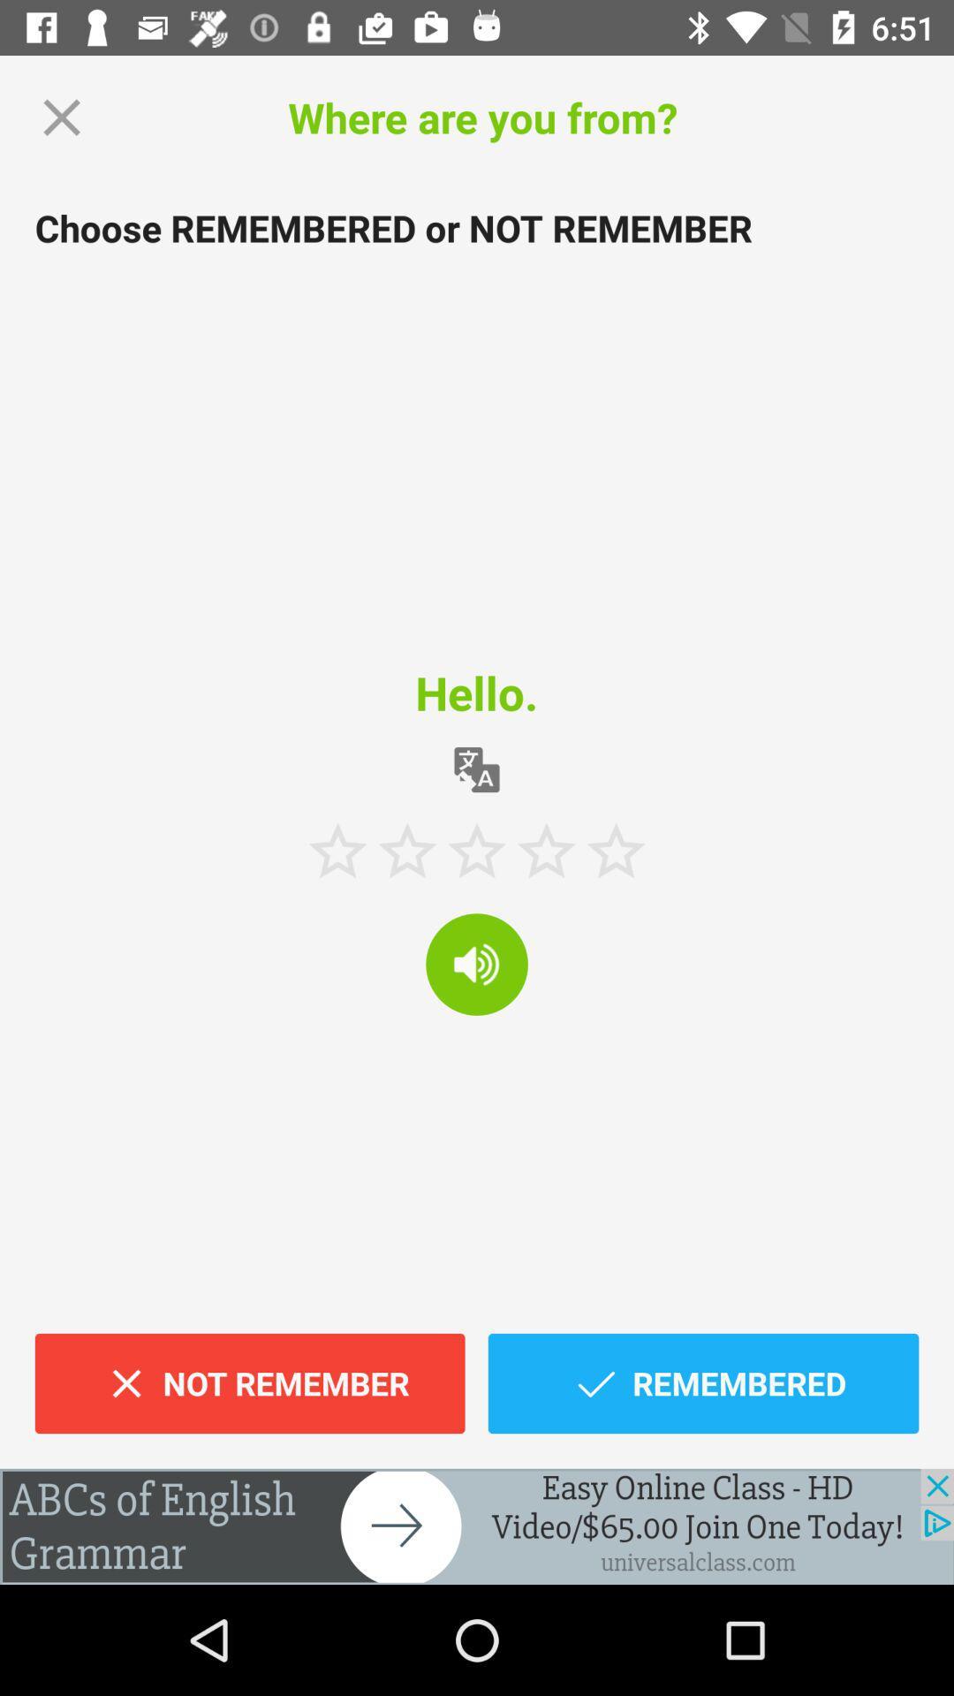  Describe the element at coordinates (477, 963) in the screenshot. I see `change volume` at that location.